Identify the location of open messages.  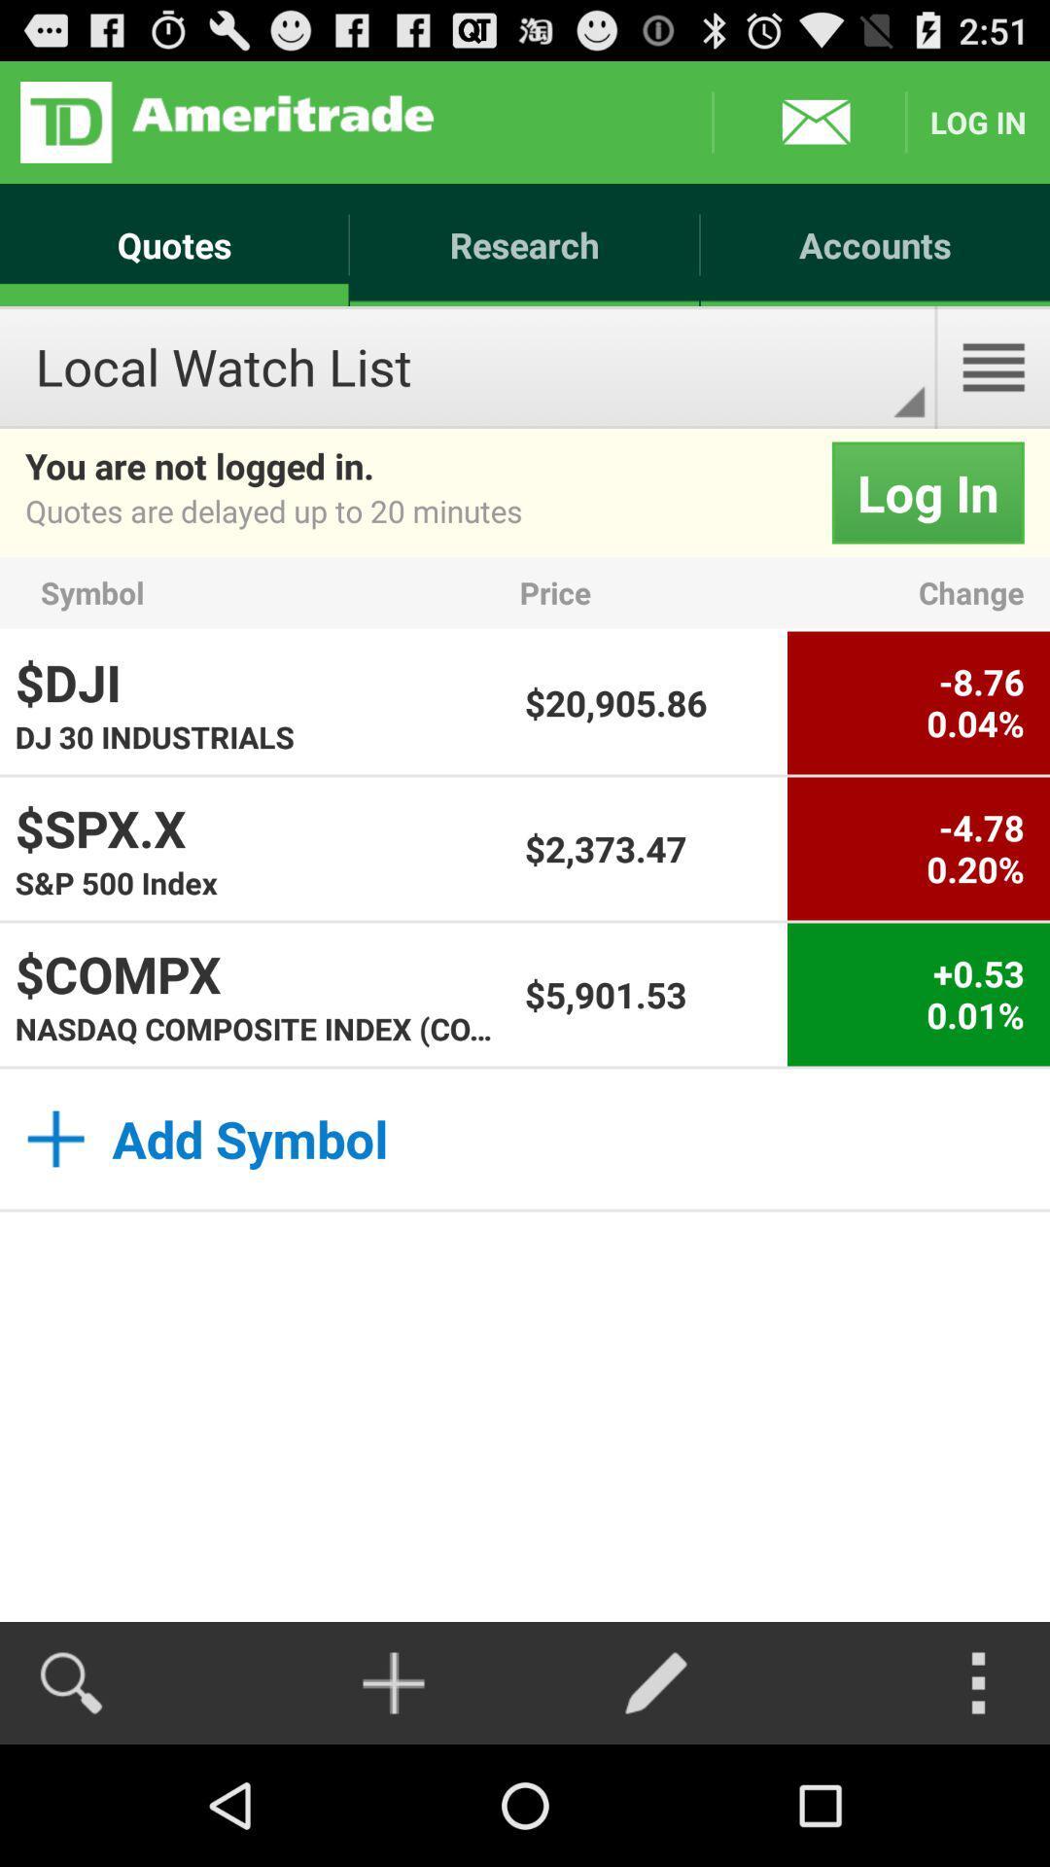
(809, 121).